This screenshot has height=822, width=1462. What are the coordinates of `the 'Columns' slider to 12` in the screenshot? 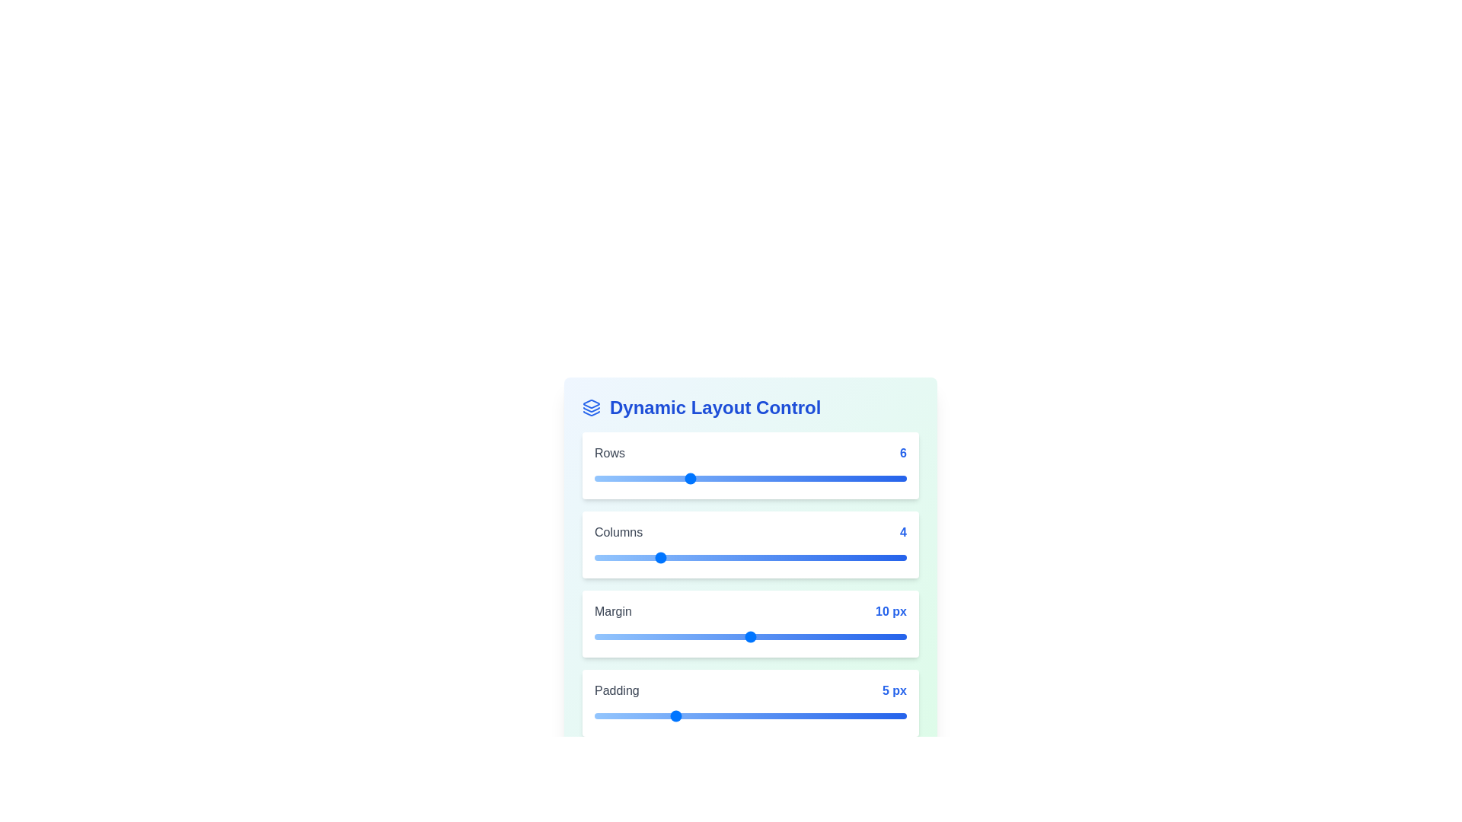 It's located at (782, 557).